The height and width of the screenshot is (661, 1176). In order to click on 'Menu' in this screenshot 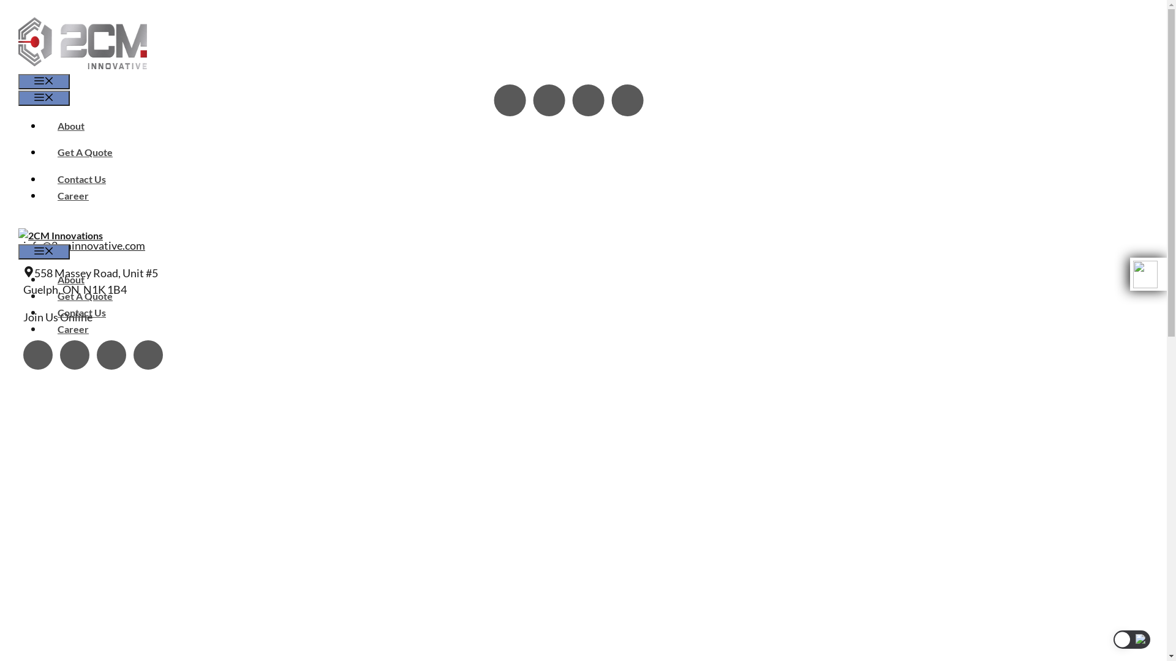, I will do `click(18, 97)`.